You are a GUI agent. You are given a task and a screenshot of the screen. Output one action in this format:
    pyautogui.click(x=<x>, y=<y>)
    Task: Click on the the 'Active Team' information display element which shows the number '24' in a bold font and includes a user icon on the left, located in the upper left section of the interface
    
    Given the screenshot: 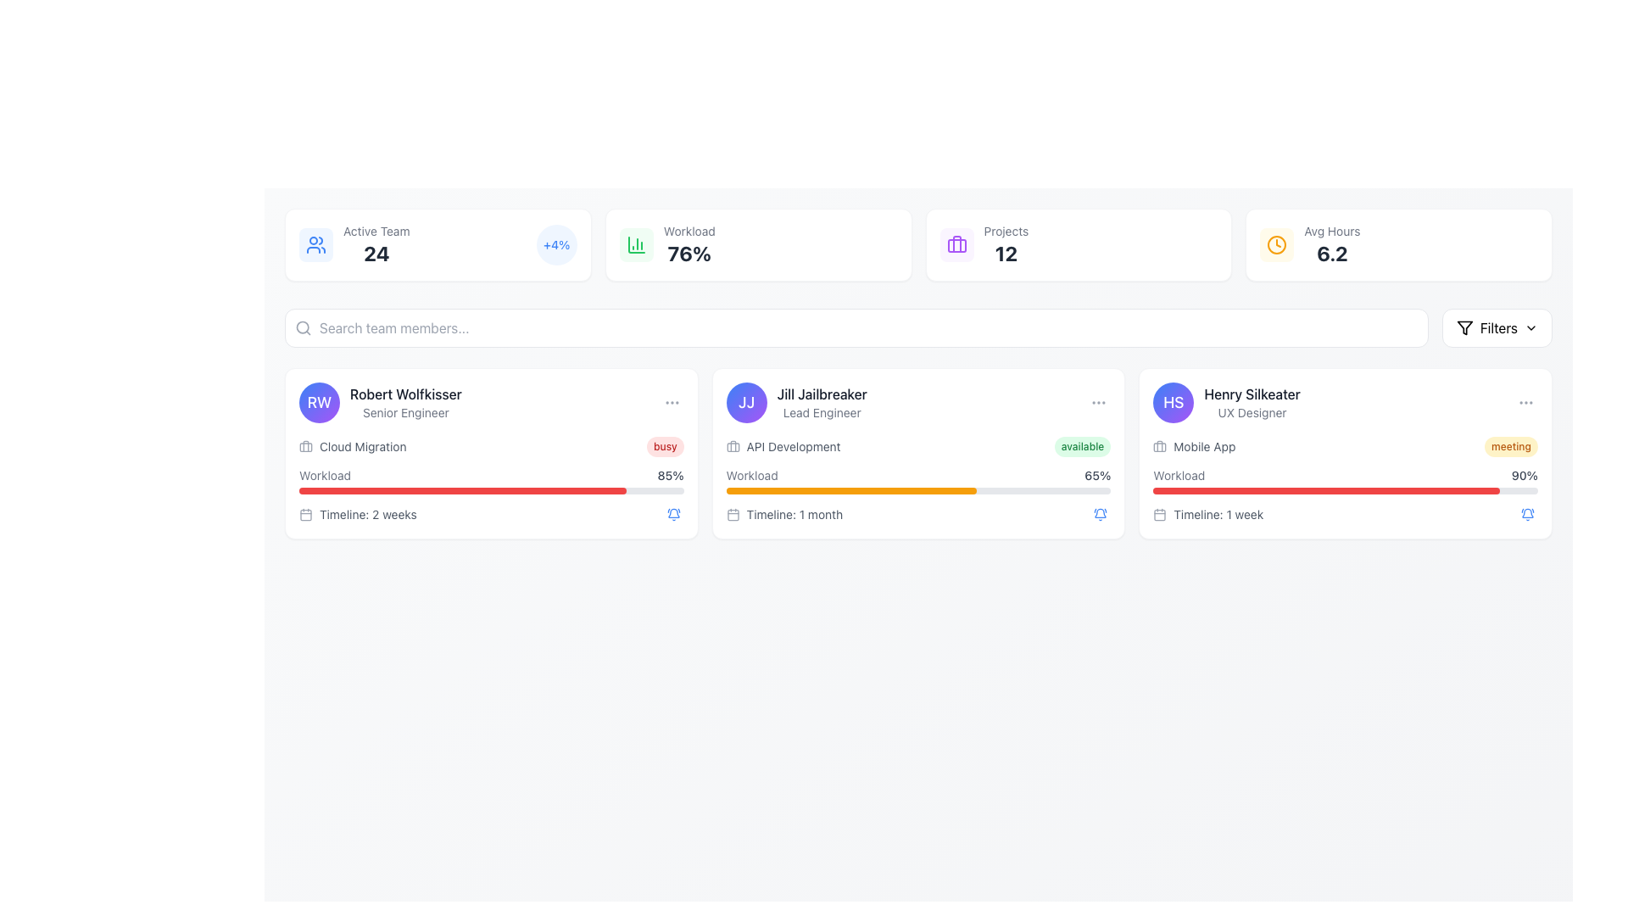 What is the action you would take?
    pyautogui.click(x=354, y=245)
    